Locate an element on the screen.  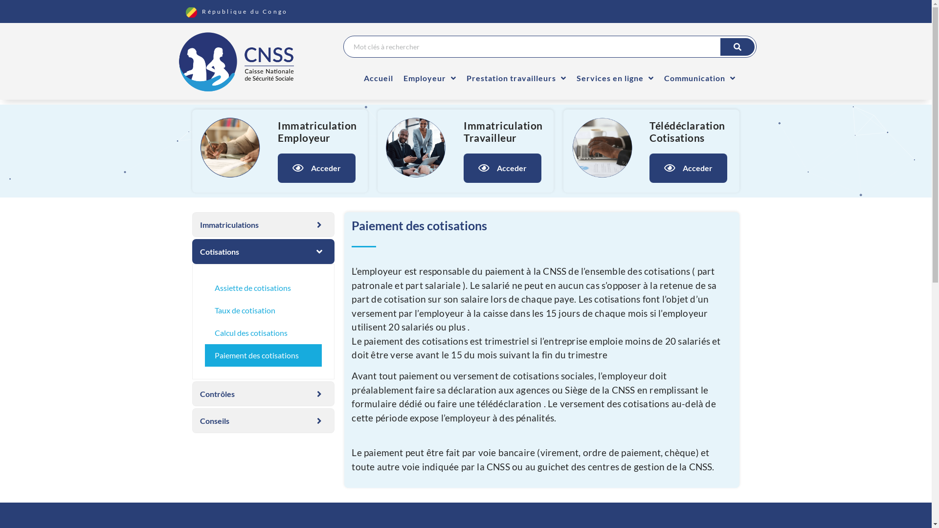
'Services en ligne' is located at coordinates (572, 77).